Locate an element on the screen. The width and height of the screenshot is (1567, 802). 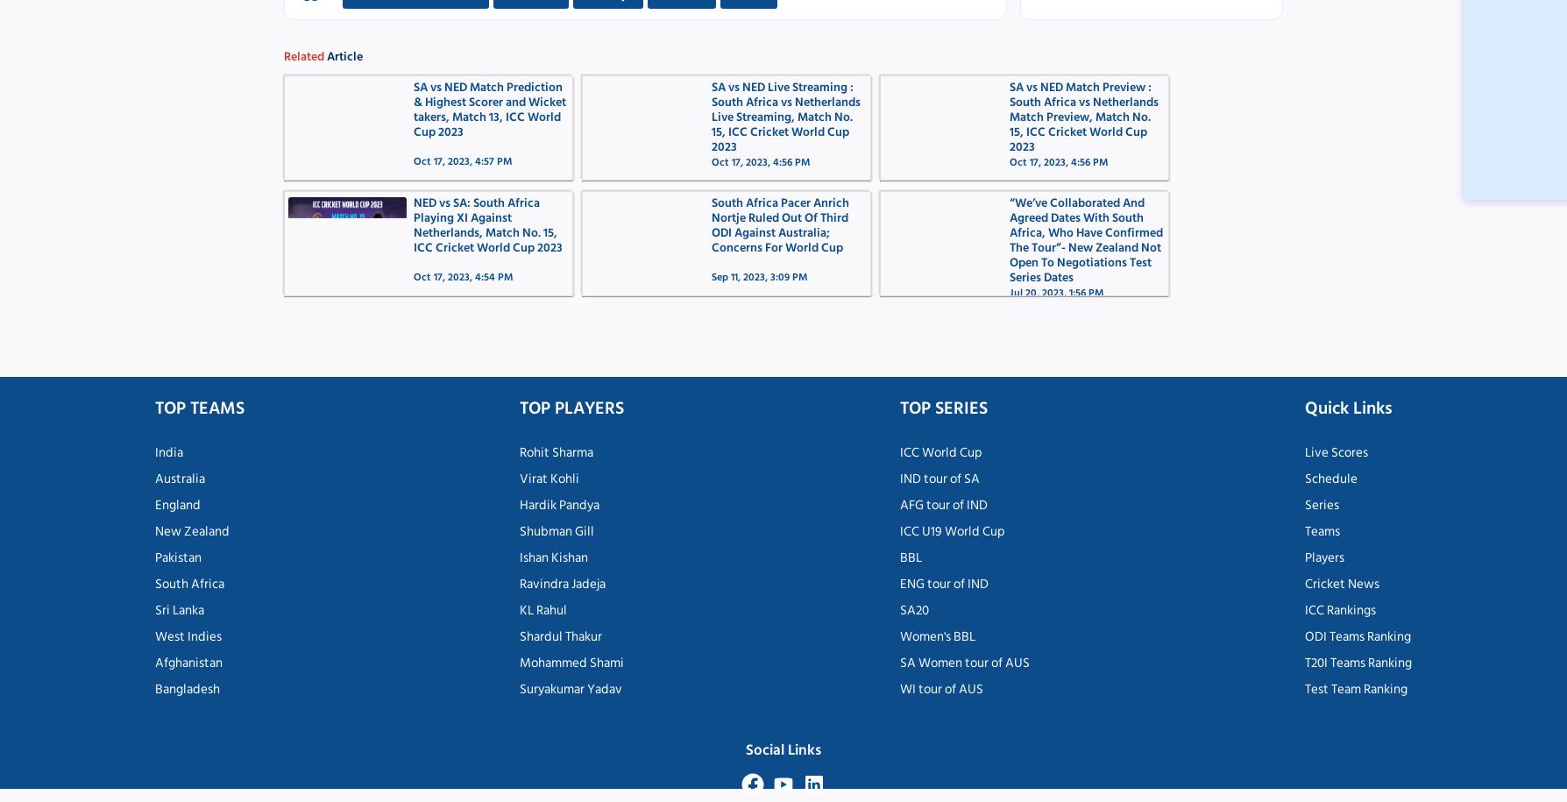
'T20I Teams Ranking' is located at coordinates (1303, 662).